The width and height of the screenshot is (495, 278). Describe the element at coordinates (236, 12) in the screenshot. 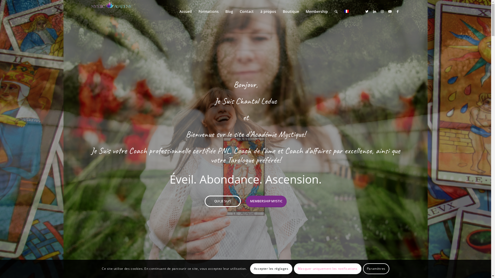

I see `'Contact'` at that location.